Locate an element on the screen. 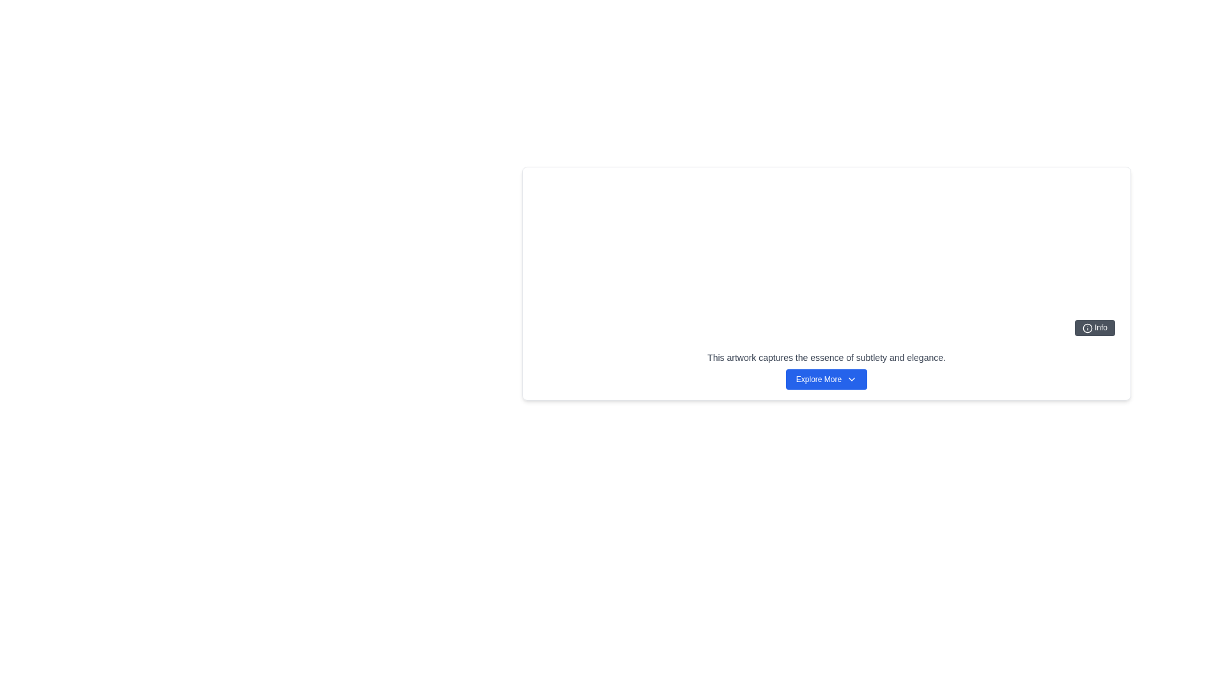  the text display that shows the description 'This artwork captures the essence of subtlety and elegance.' located above the 'Explore More' button is located at coordinates (826, 357).